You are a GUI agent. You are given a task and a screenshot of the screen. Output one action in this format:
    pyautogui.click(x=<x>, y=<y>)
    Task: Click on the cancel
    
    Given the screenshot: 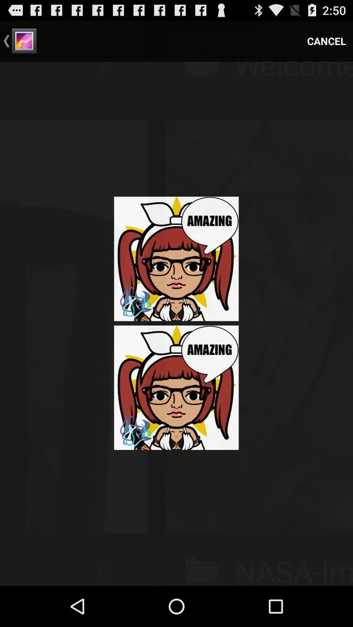 What is the action you would take?
    pyautogui.click(x=327, y=40)
    